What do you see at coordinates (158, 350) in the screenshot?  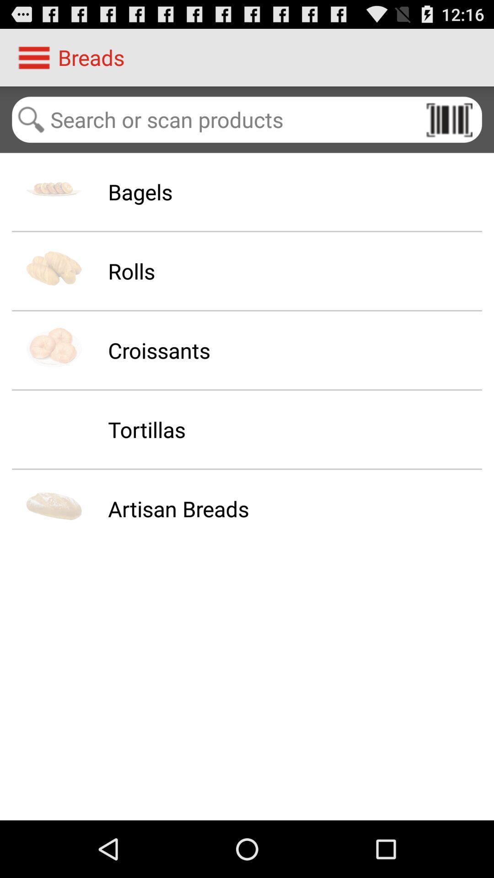 I see `item above tortillas app` at bounding box center [158, 350].